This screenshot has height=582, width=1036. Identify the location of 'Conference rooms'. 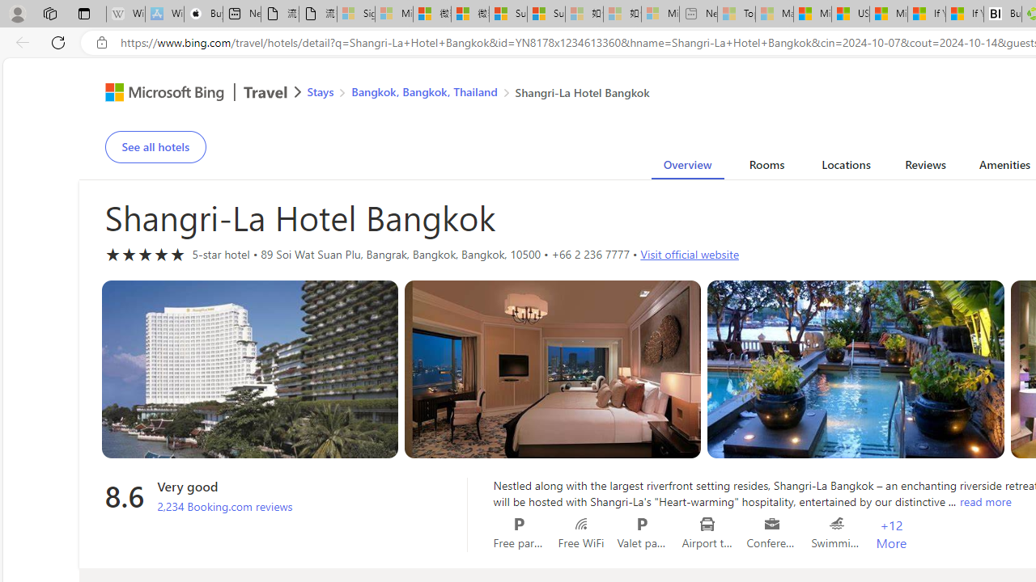
(771, 524).